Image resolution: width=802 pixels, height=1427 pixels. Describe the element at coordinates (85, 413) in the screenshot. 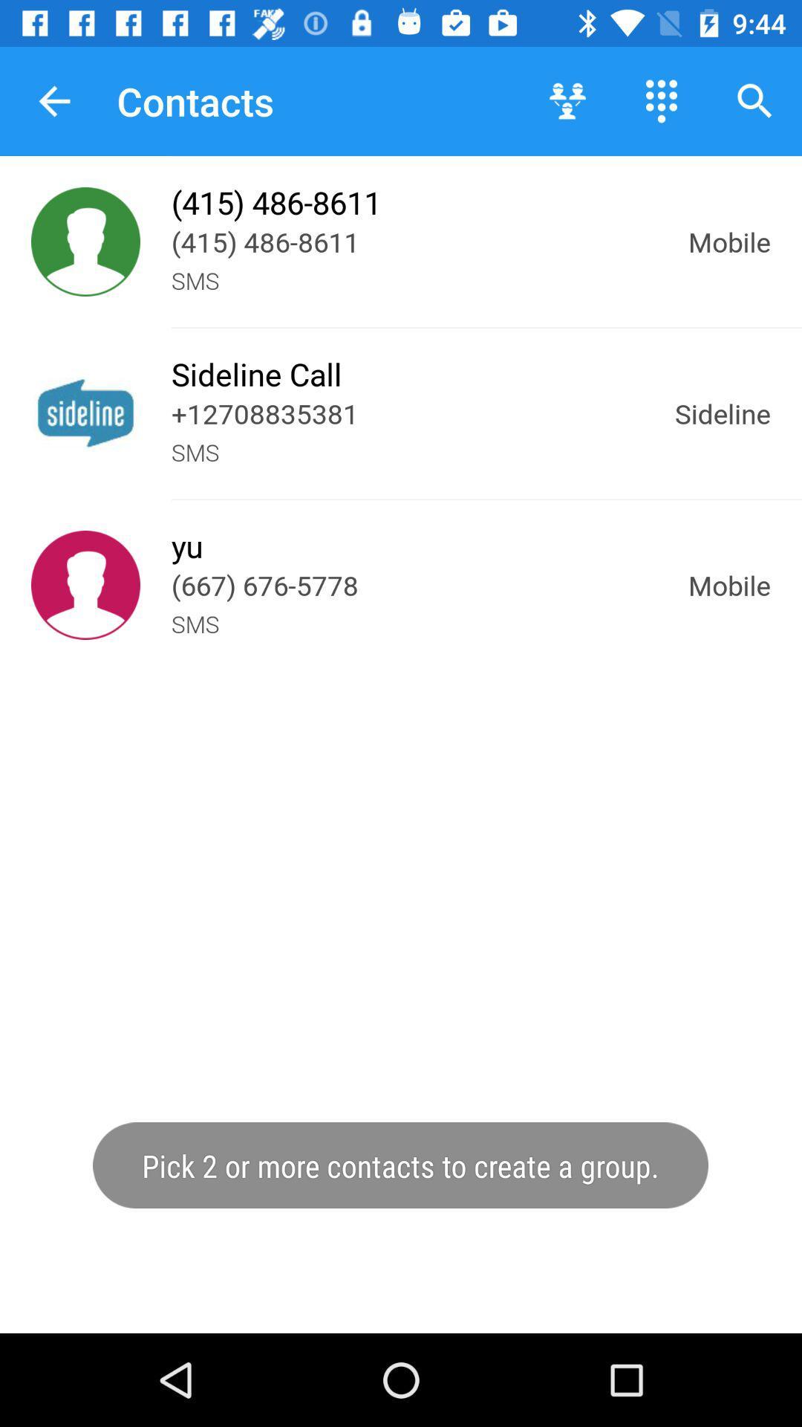

I see `contact name` at that location.